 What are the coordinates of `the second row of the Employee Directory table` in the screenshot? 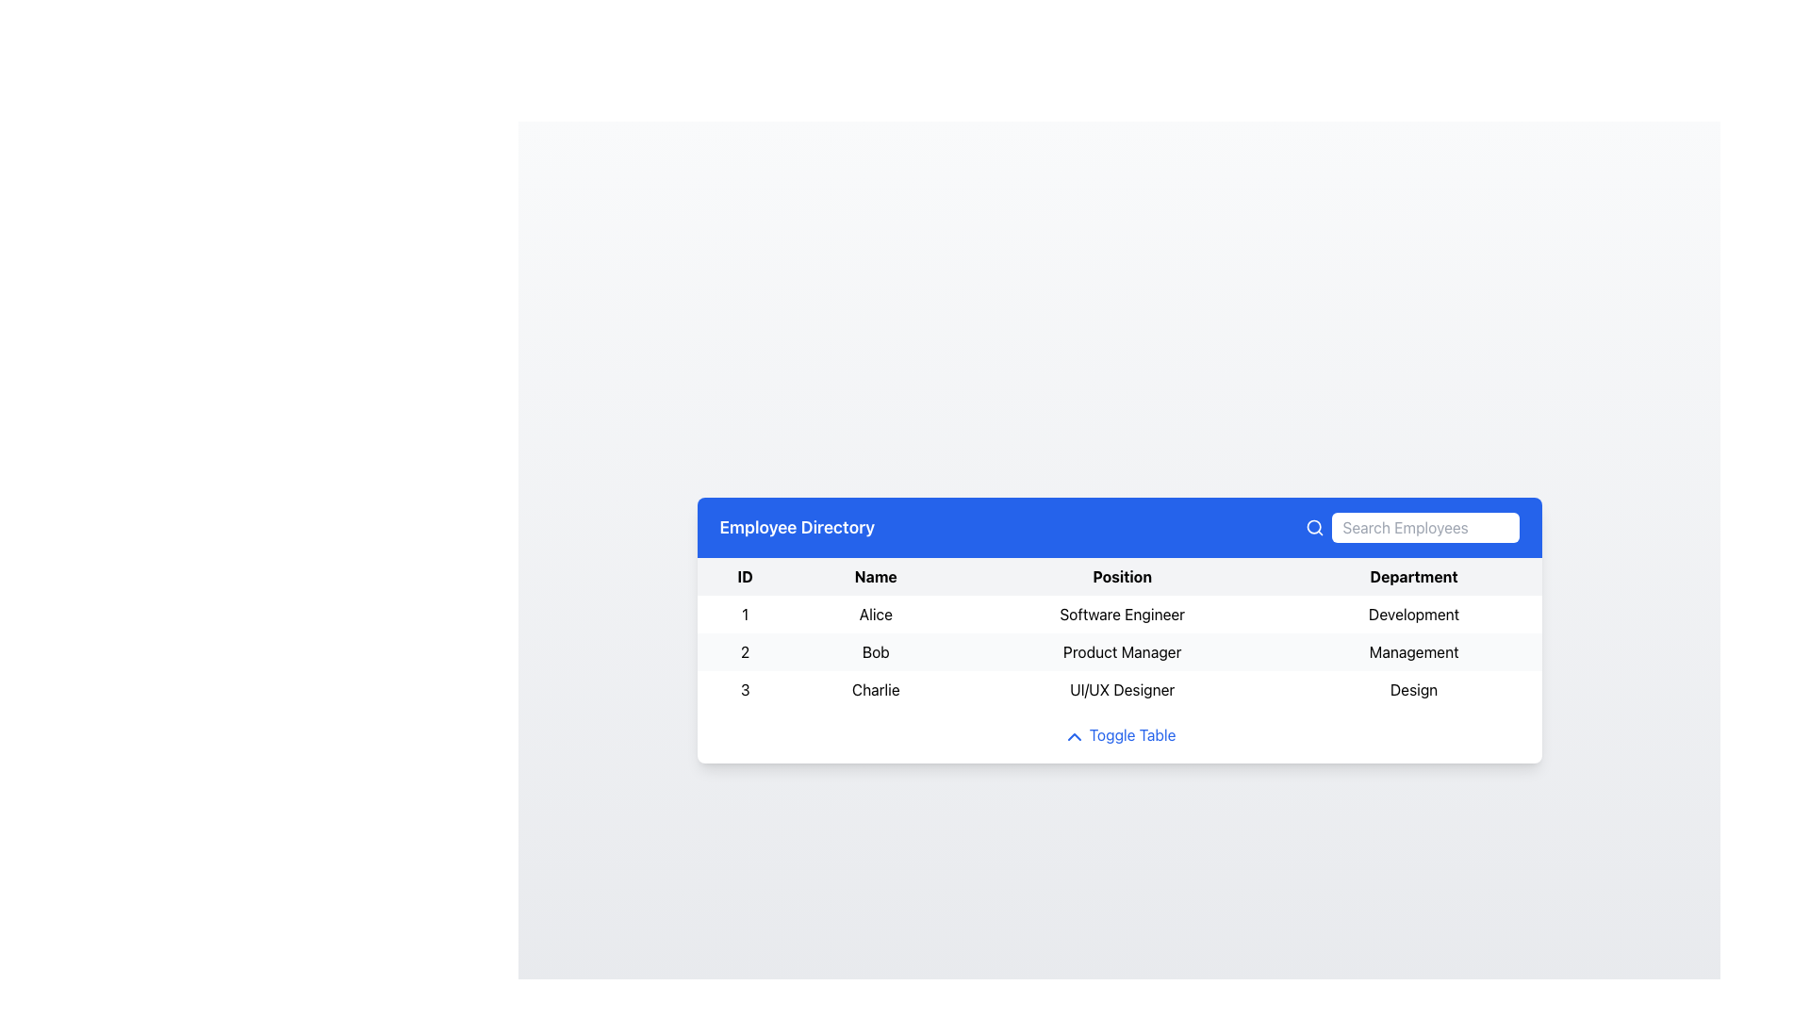 It's located at (1119, 651).